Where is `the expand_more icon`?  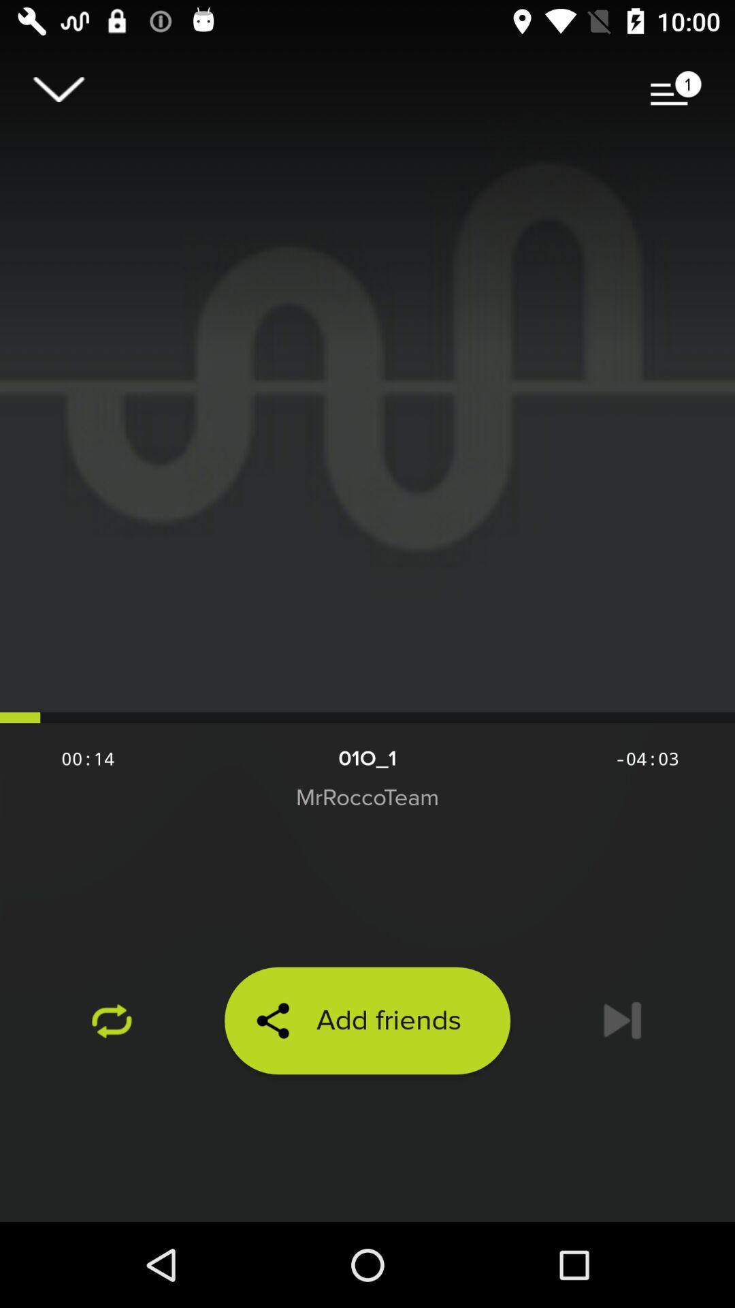 the expand_more icon is located at coordinates (58, 89).